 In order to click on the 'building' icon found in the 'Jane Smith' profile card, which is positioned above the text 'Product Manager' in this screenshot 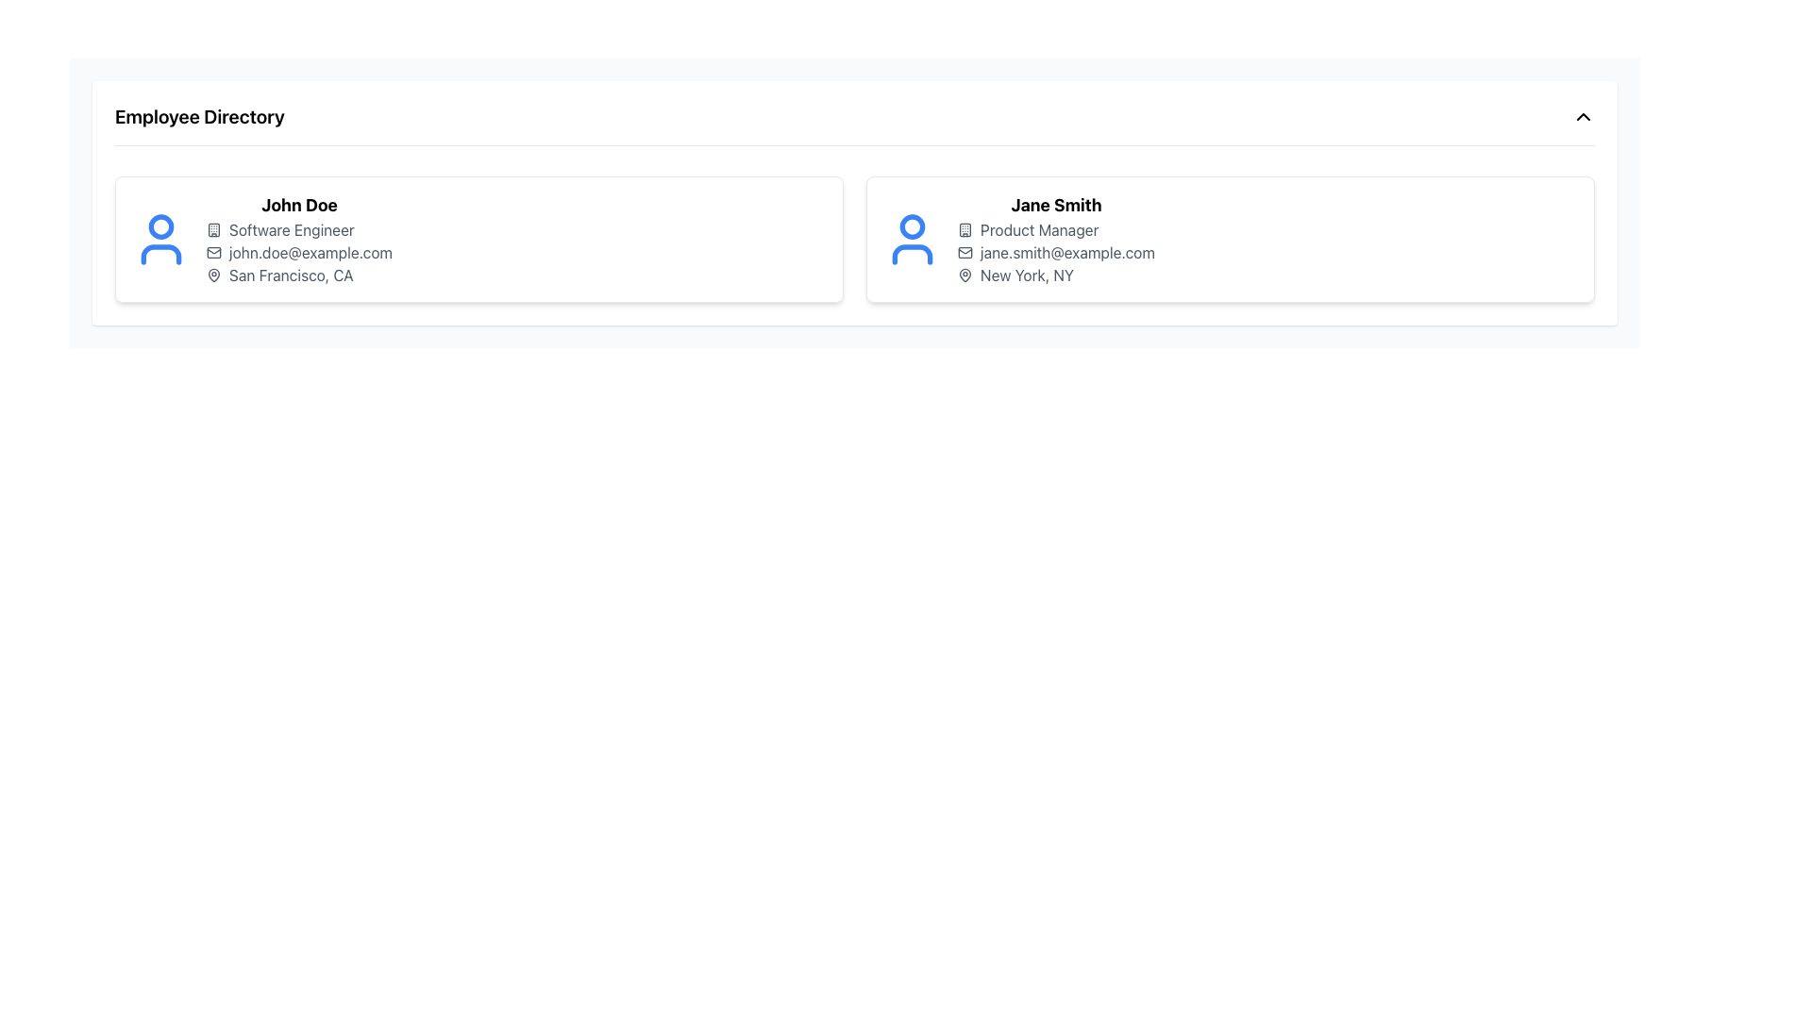, I will do `click(965, 228)`.